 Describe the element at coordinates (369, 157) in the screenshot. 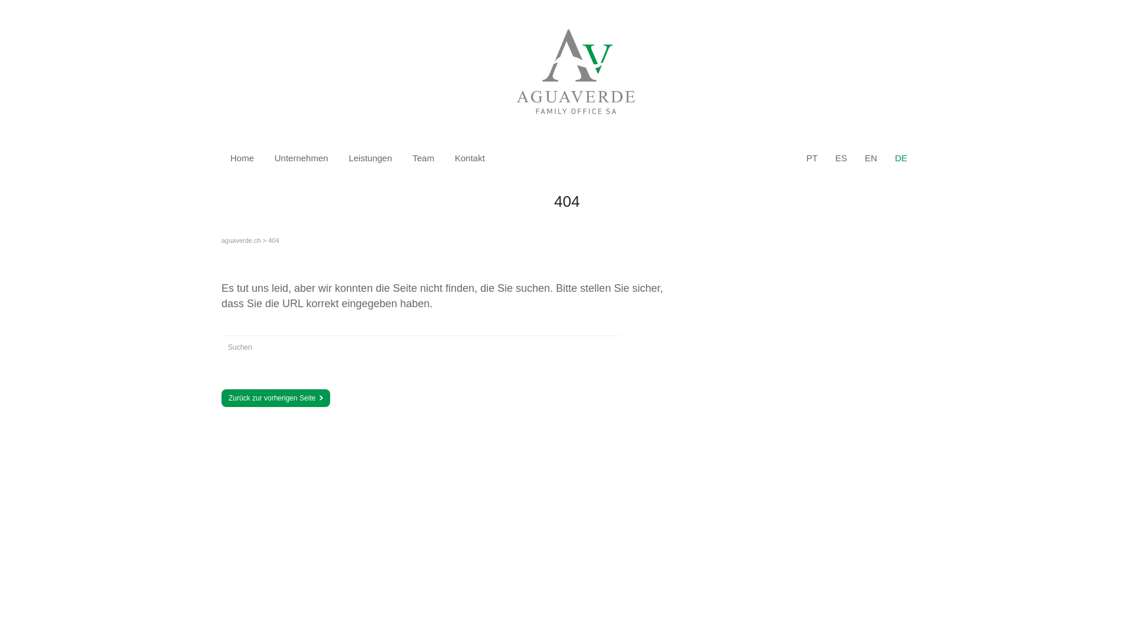

I see `'Leistungen'` at that location.